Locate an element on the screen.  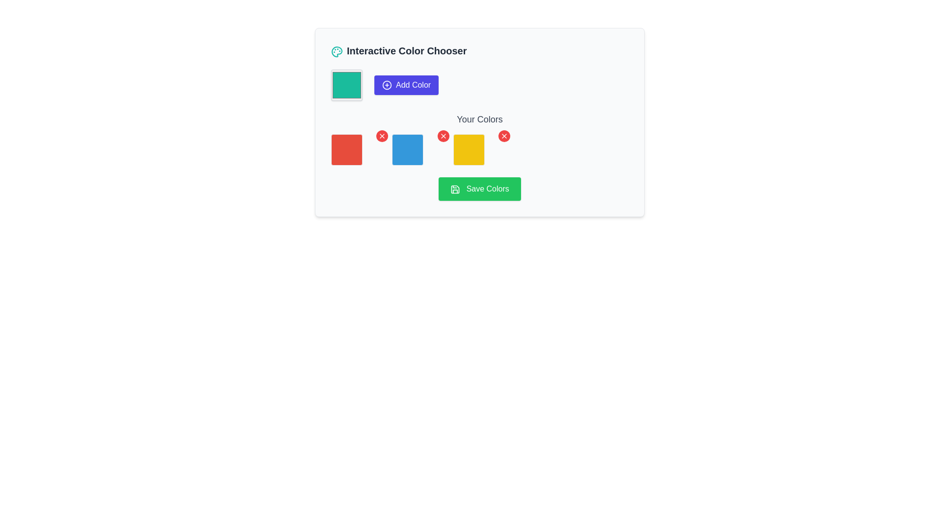
the delete button located at the top-right corner of the red square in the 'Your Colors' section is located at coordinates (382, 136).